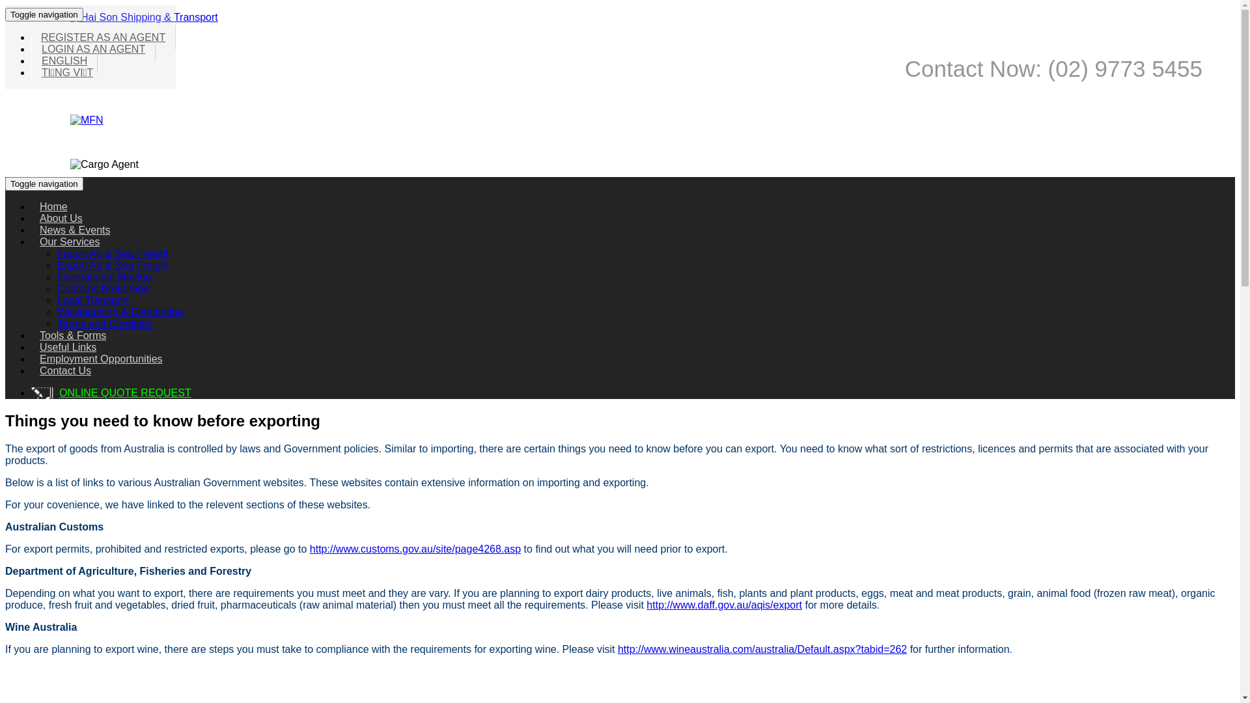  I want to click on 'MFN', so click(86, 120).